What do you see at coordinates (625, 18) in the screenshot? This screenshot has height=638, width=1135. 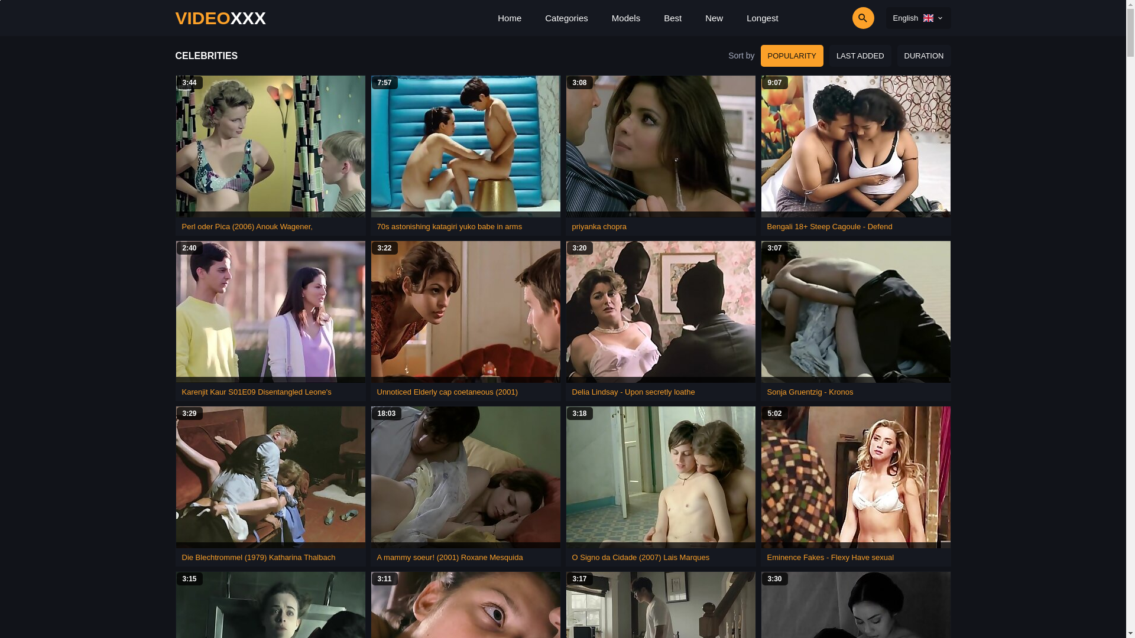 I see `'Models'` at bounding box center [625, 18].